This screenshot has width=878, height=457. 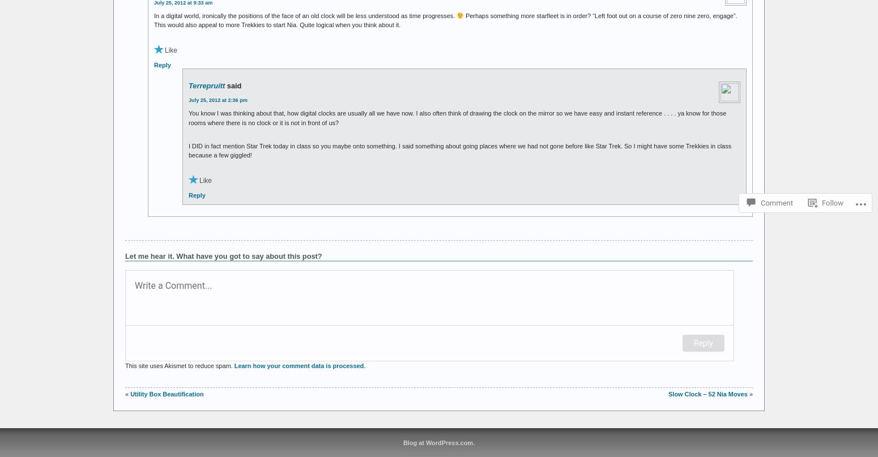 What do you see at coordinates (459, 150) in the screenshot?
I see `'I DID in fact mention Star Trek today in class so you maybe onto something.  I said something about going places where we had not gone before like Star Trek.  So I might have some Trekkies in class because a few giggled!'` at bounding box center [459, 150].